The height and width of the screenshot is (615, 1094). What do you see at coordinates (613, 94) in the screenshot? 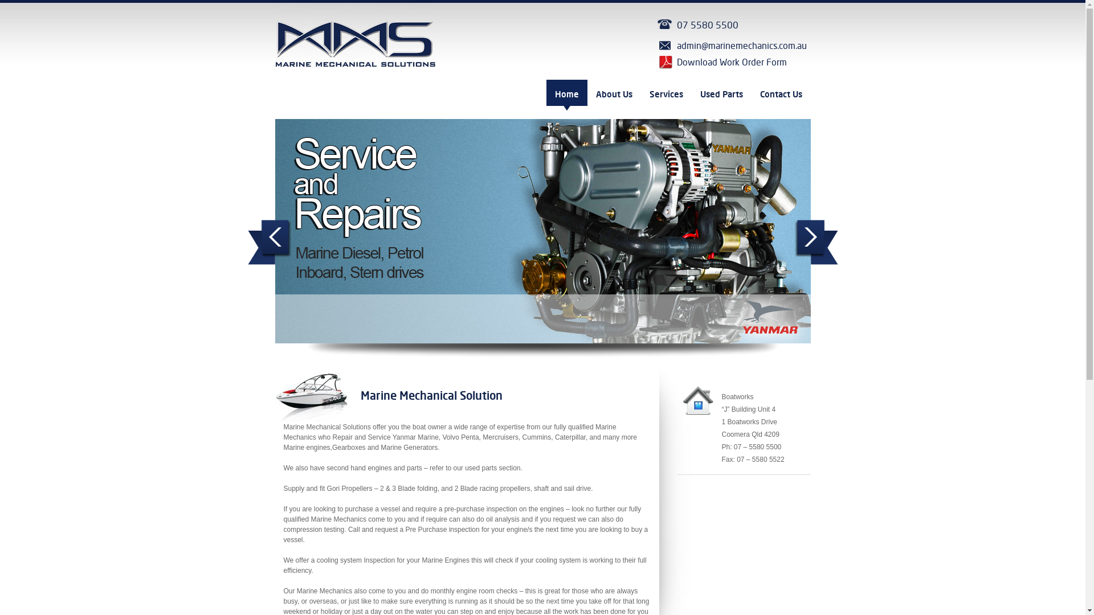
I see `'About Us'` at bounding box center [613, 94].